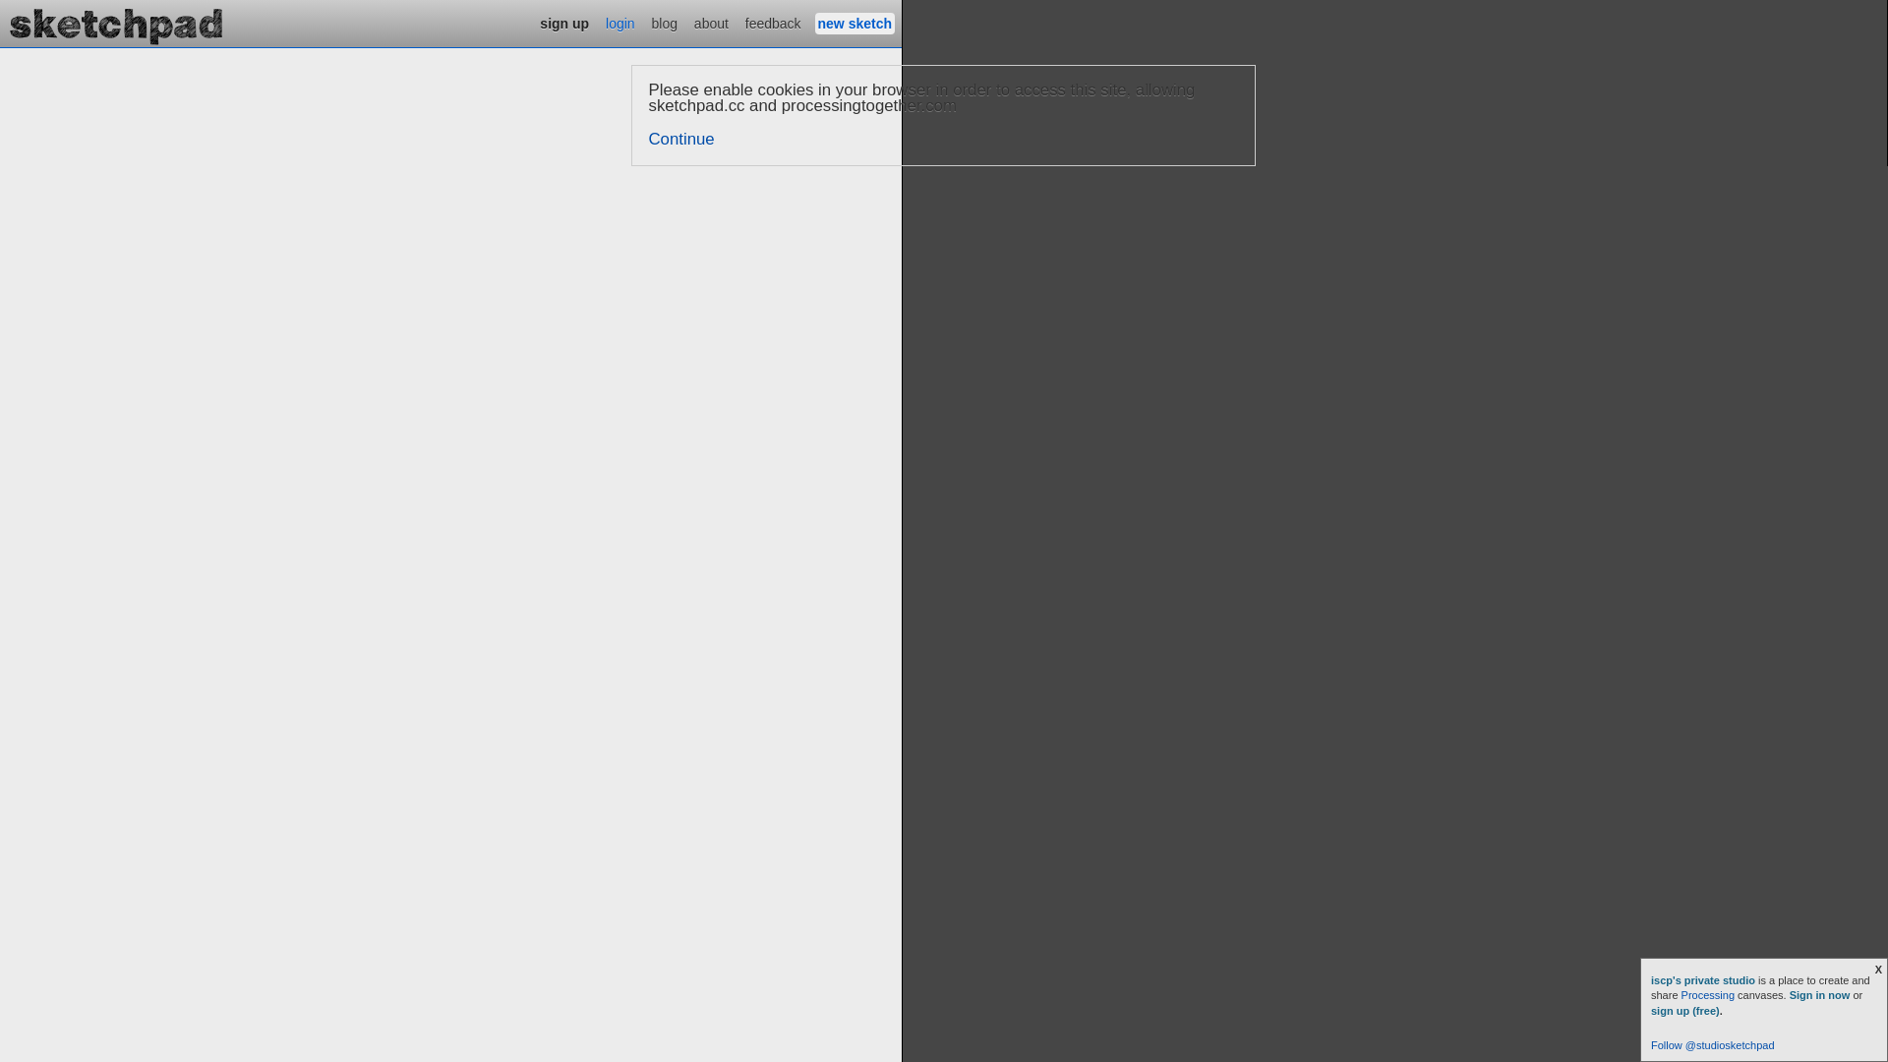 The width and height of the screenshot is (1888, 1062). I want to click on 'sign up (free)', so click(1683, 1011).